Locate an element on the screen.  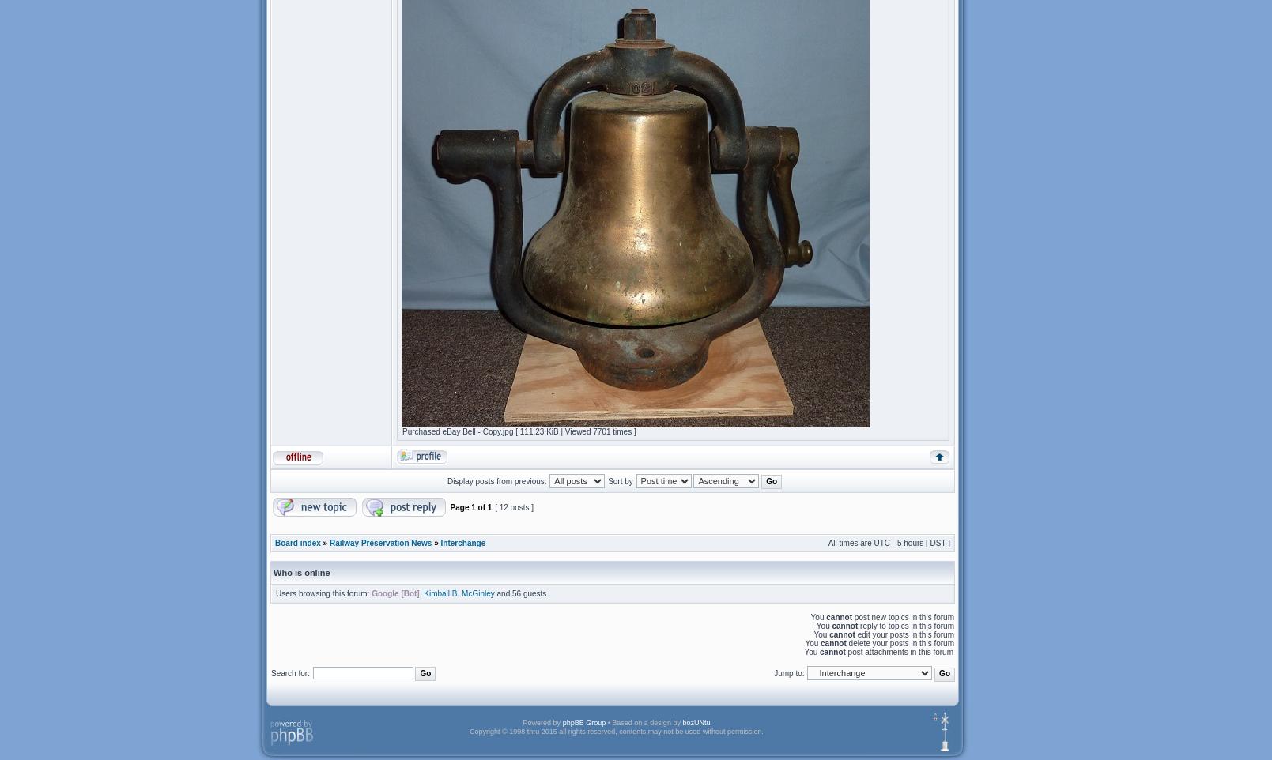
'post new topics in this forum' is located at coordinates (852, 616).